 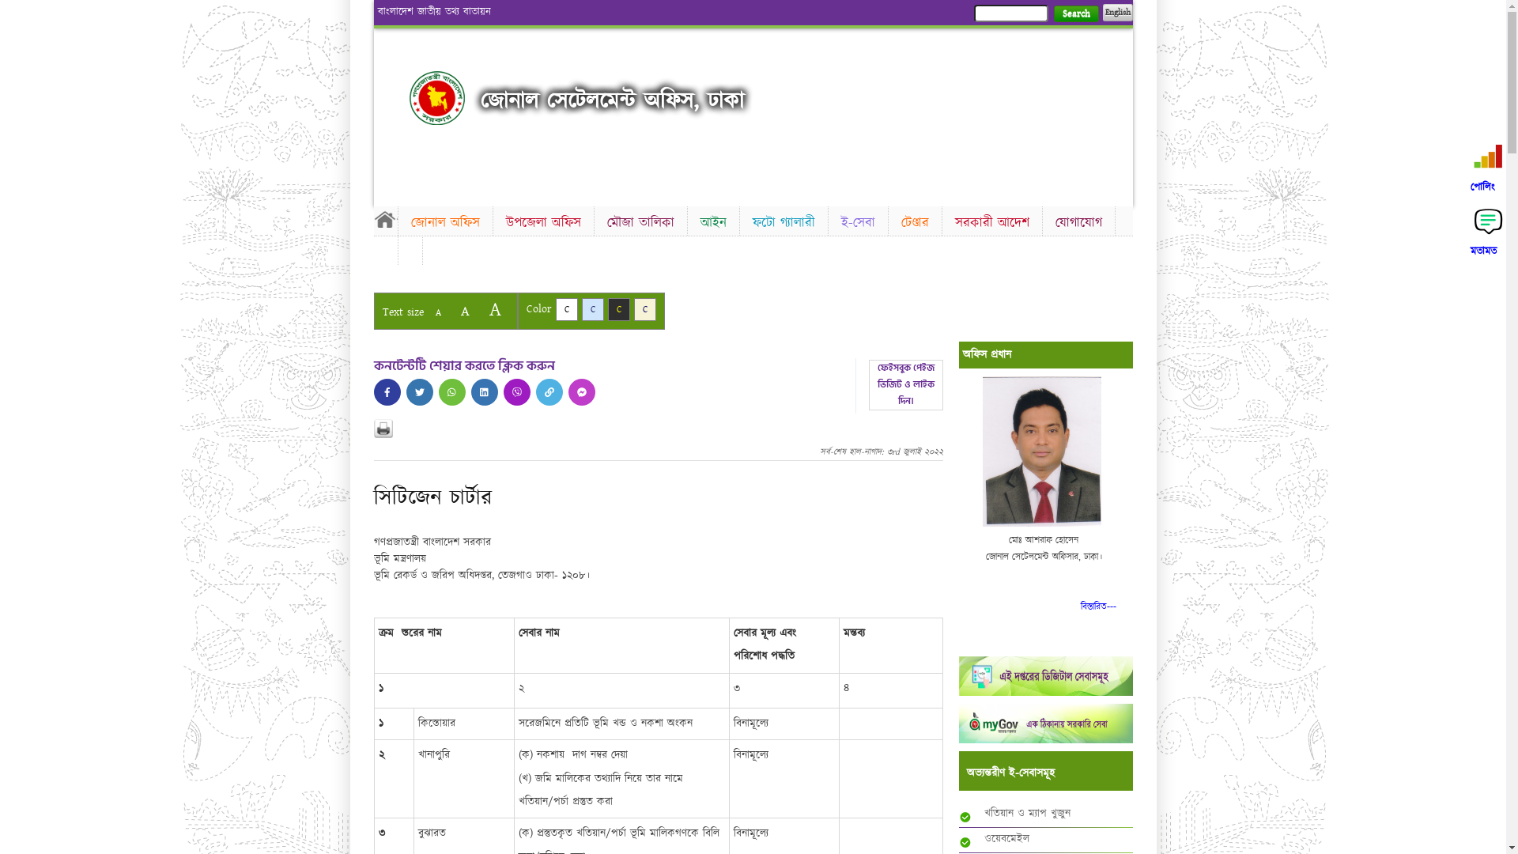 What do you see at coordinates (1052, 13) in the screenshot?
I see `'Search'` at bounding box center [1052, 13].